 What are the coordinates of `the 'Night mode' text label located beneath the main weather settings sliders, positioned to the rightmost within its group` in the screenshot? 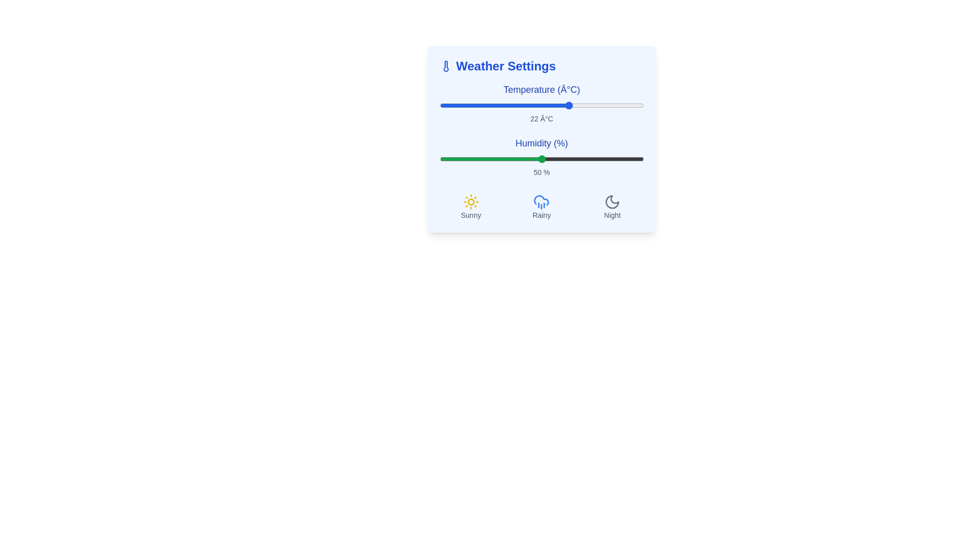 It's located at (612, 214).